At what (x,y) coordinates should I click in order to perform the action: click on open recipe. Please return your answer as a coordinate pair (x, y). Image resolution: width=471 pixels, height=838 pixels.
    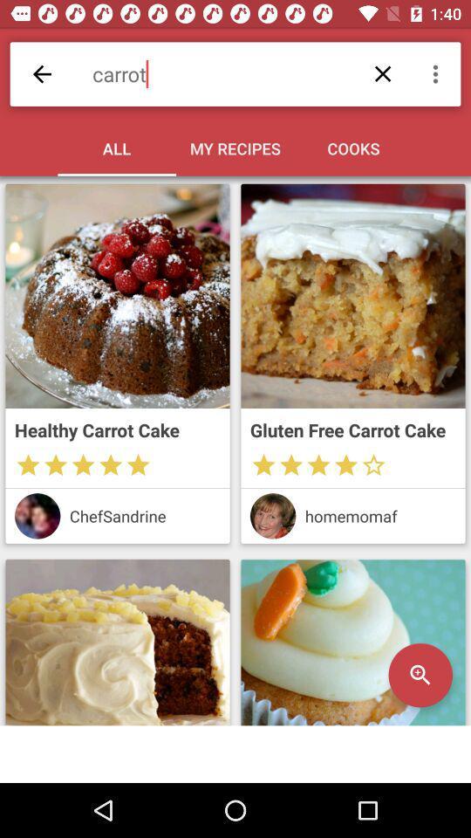
    Looking at the image, I should click on (353, 642).